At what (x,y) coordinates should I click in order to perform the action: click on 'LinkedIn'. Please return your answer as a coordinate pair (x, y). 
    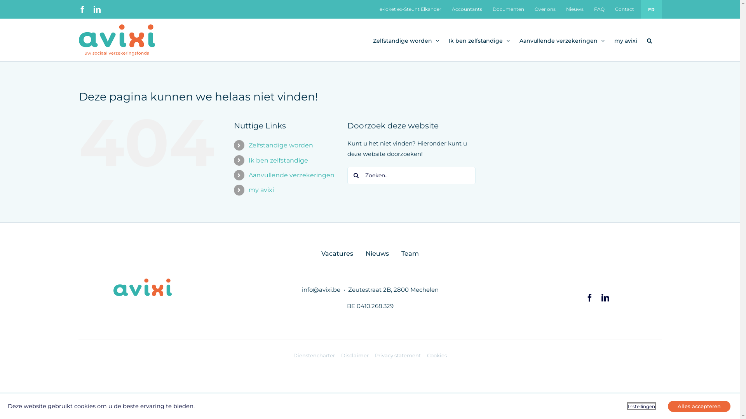
    Looking at the image, I should click on (96, 9).